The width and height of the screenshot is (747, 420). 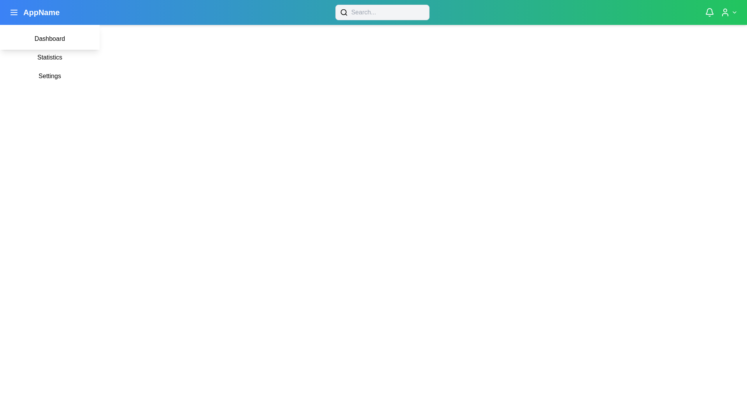 What do you see at coordinates (49, 57) in the screenshot?
I see `the 'Statistics' button, which is a rectangular button with a white background and black text, positioned below the 'Dashboard' button in a vertical list` at bounding box center [49, 57].